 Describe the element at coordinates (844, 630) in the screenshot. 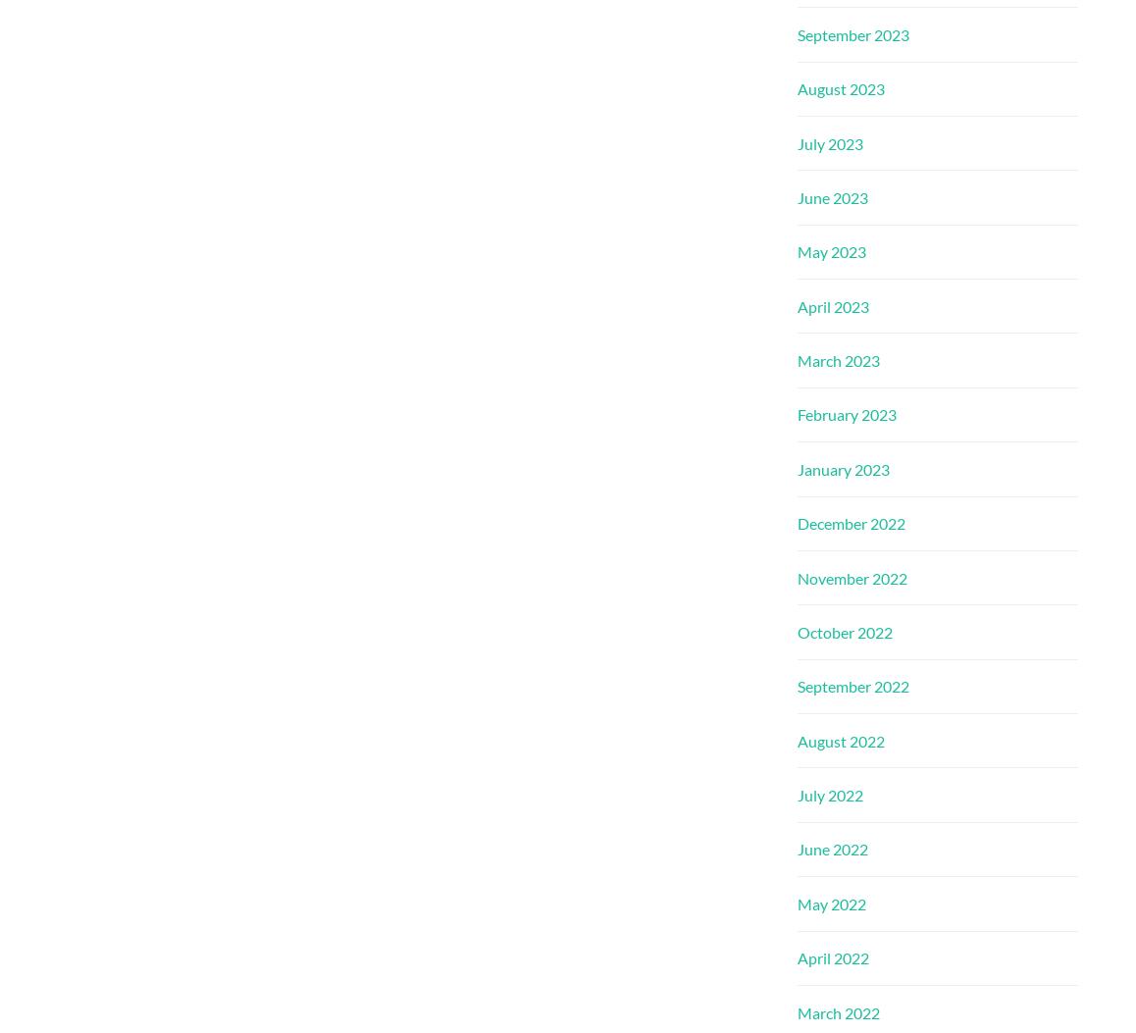

I see `'October 2022'` at that location.